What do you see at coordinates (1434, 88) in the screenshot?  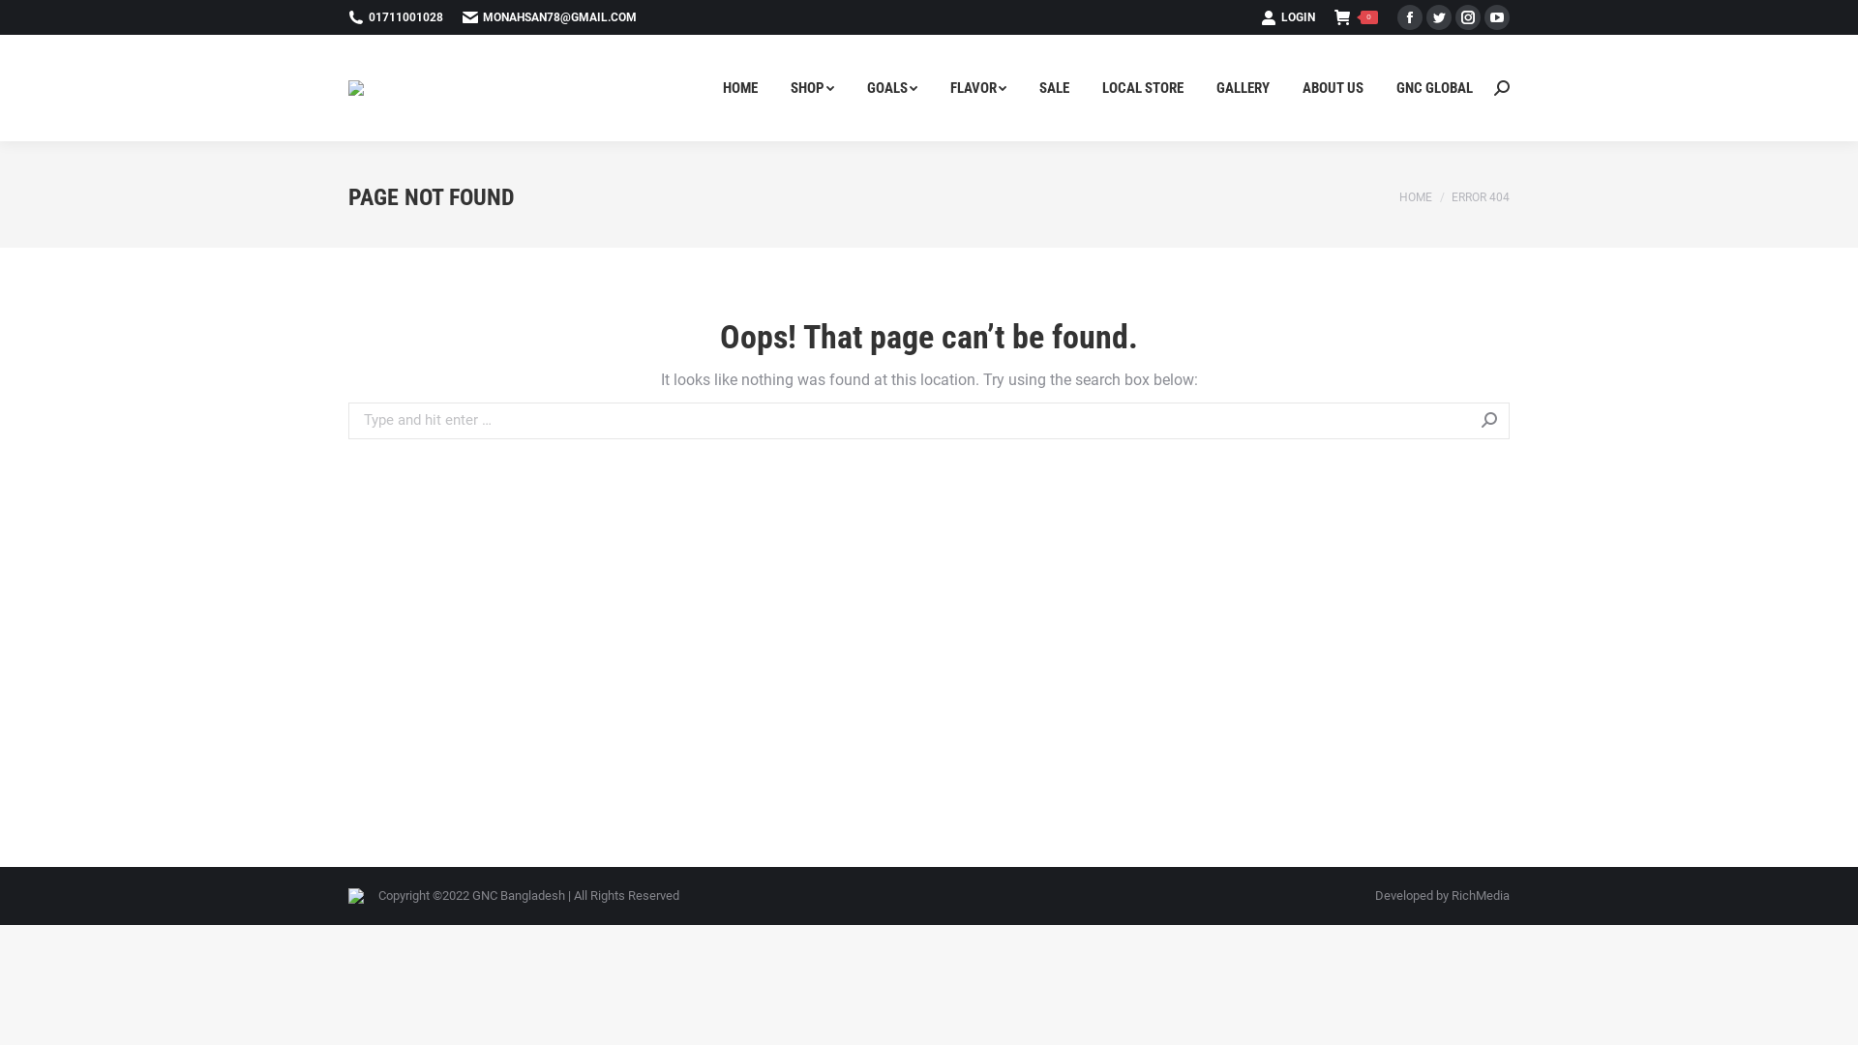 I see `'GNC GLOBAL'` at bounding box center [1434, 88].